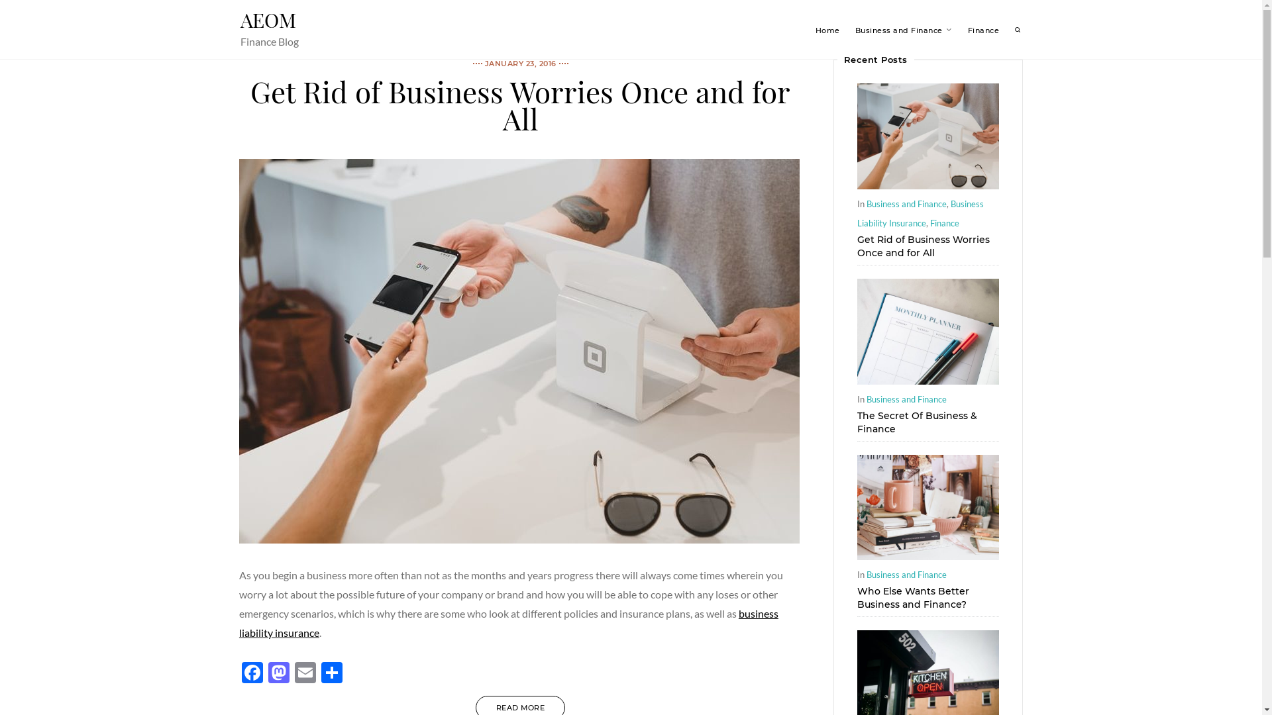 This screenshot has height=715, width=1272. Describe the element at coordinates (266, 20) in the screenshot. I see `'AEOM'` at that location.